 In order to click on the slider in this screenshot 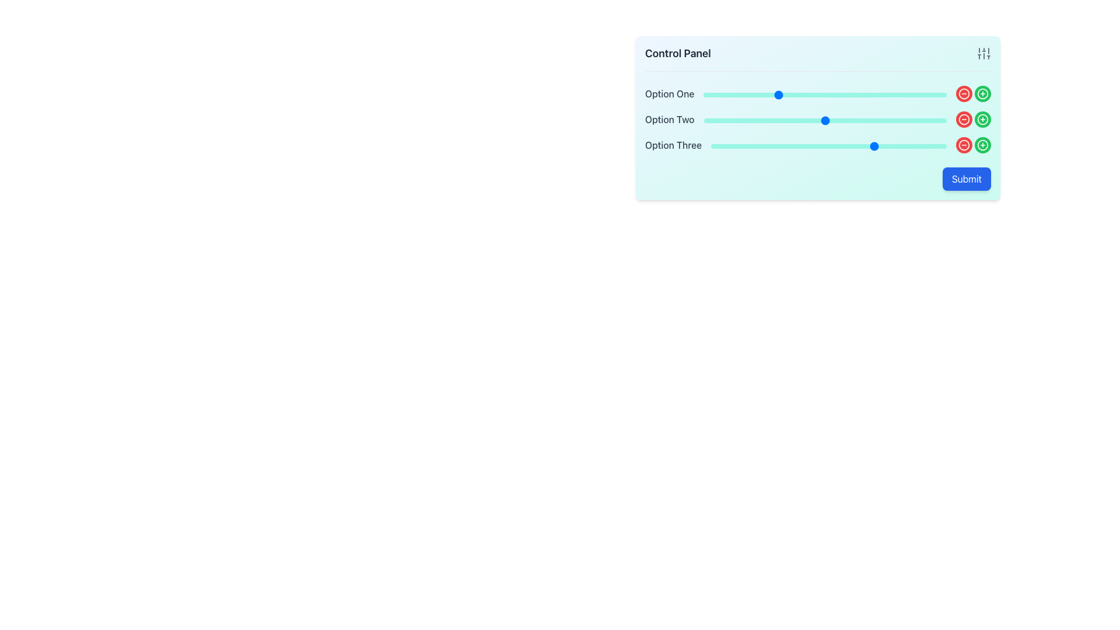, I will do `click(900, 94)`.